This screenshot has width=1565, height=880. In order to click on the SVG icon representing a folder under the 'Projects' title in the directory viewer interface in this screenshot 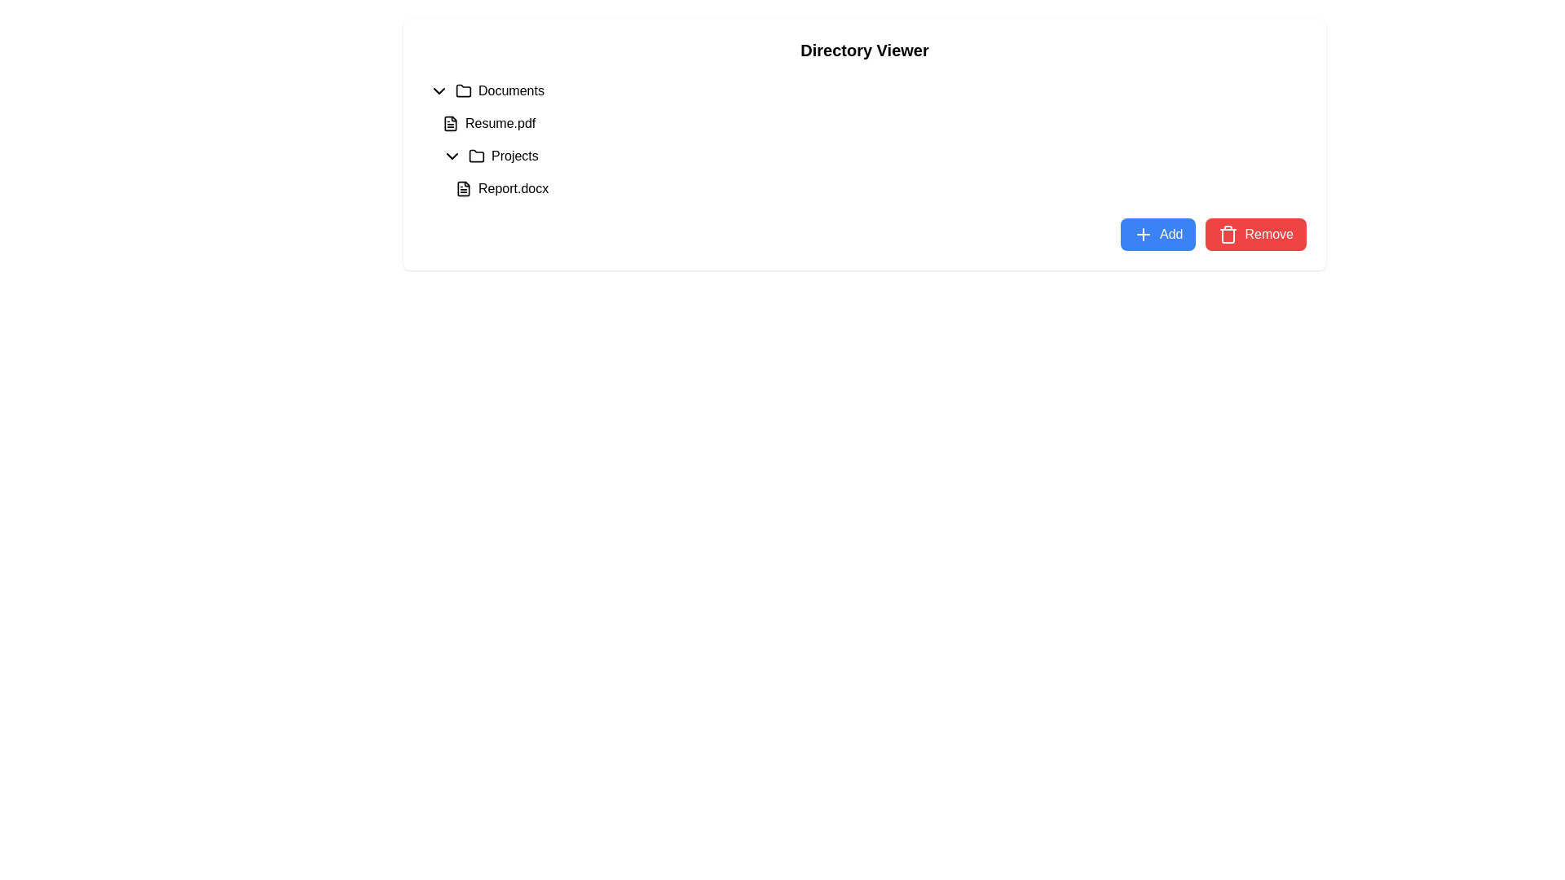, I will do `click(476, 156)`.